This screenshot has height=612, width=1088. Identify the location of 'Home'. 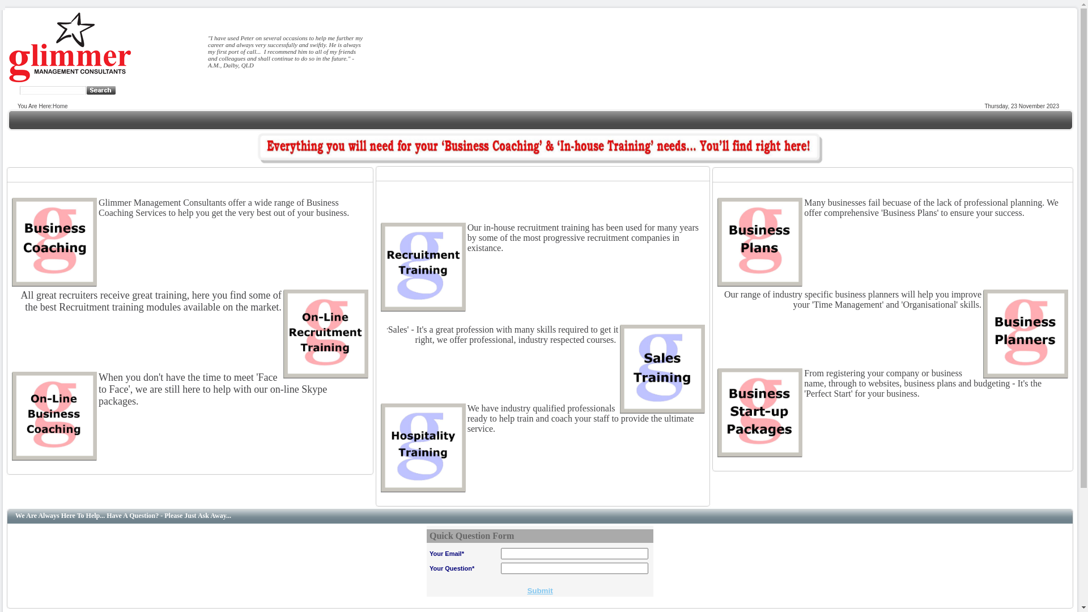
(52, 106).